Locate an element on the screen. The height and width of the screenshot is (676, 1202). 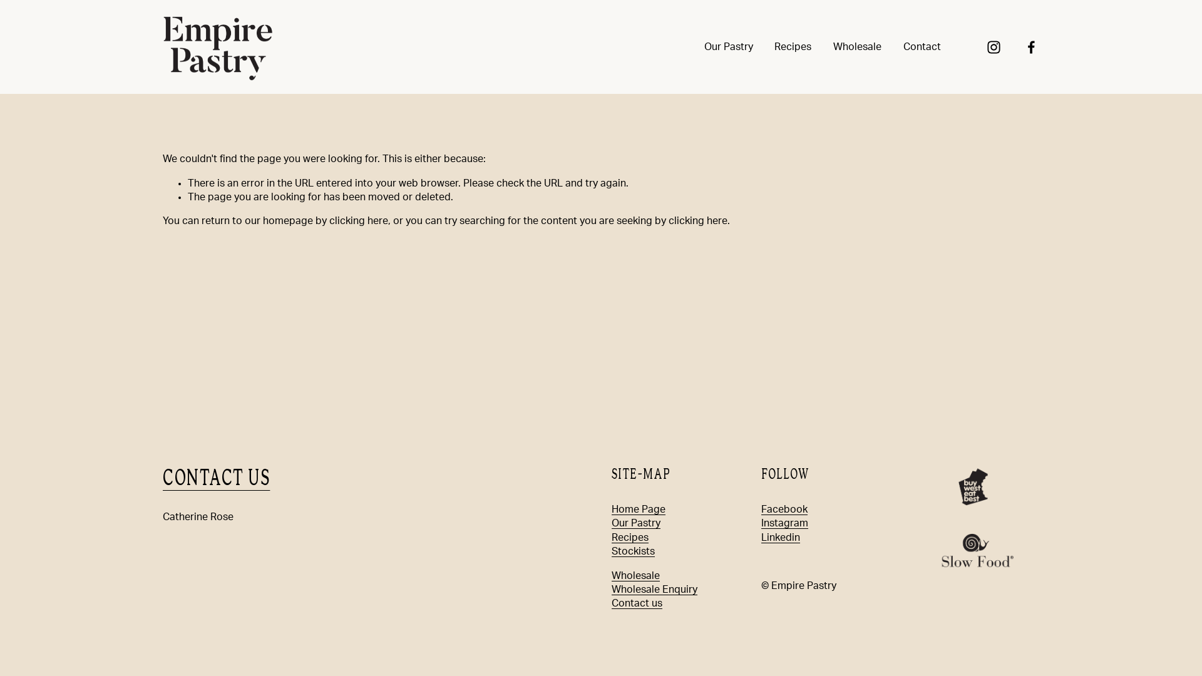
'Our Pastry' is located at coordinates (728, 46).